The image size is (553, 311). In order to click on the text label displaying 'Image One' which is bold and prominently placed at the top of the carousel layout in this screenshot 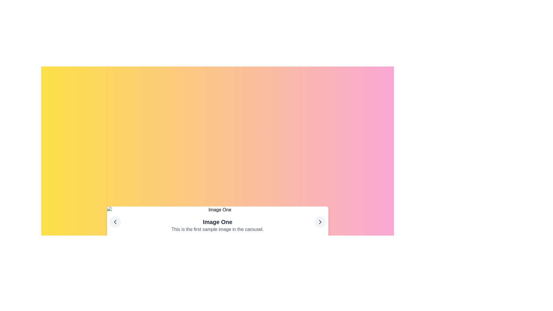, I will do `click(217, 222)`.